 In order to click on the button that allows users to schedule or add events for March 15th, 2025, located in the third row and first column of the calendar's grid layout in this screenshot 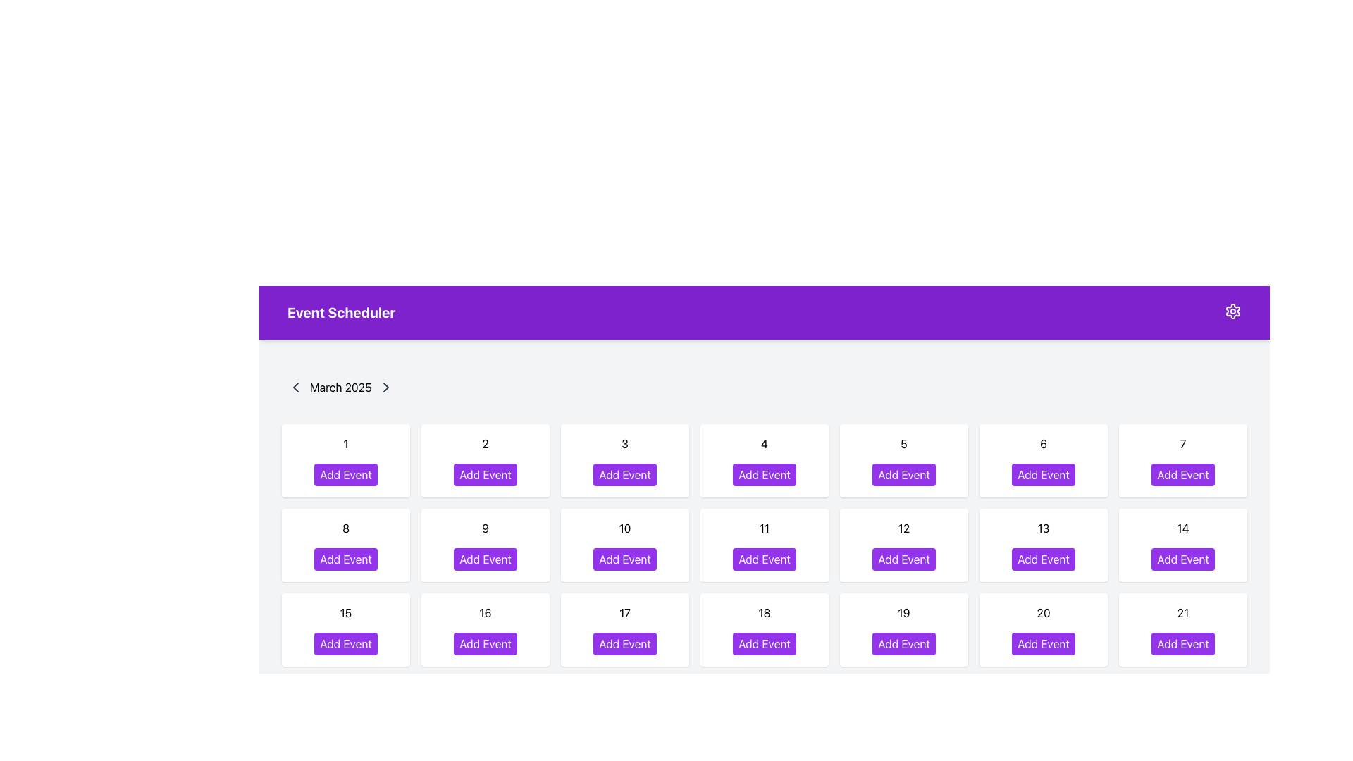, I will do `click(345, 644)`.